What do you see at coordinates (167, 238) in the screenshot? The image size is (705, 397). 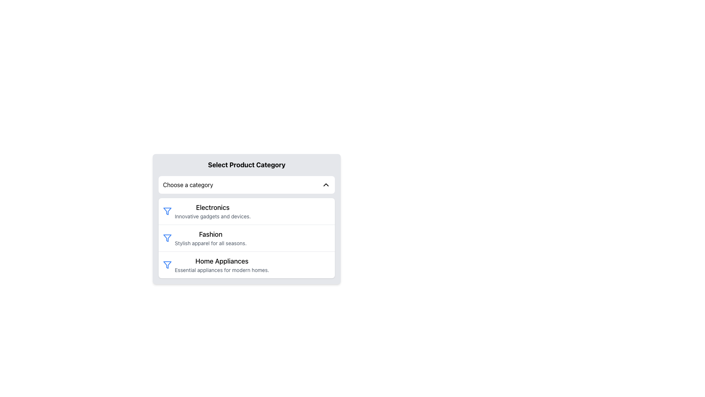 I see `the filter icon associated with the 'Electronics' category in the 'Select Product Category' interface` at bounding box center [167, 238].